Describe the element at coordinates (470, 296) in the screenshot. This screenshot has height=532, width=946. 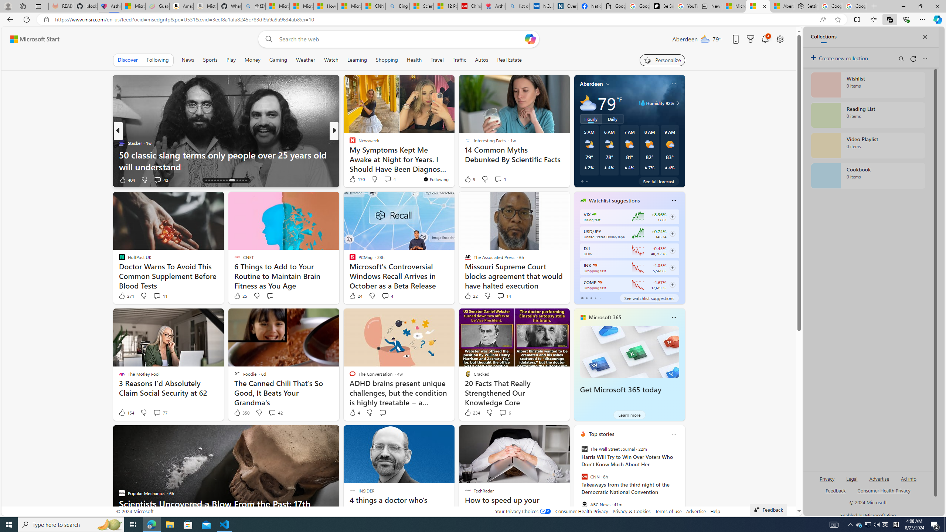
I see `'22 Like'` at that location.